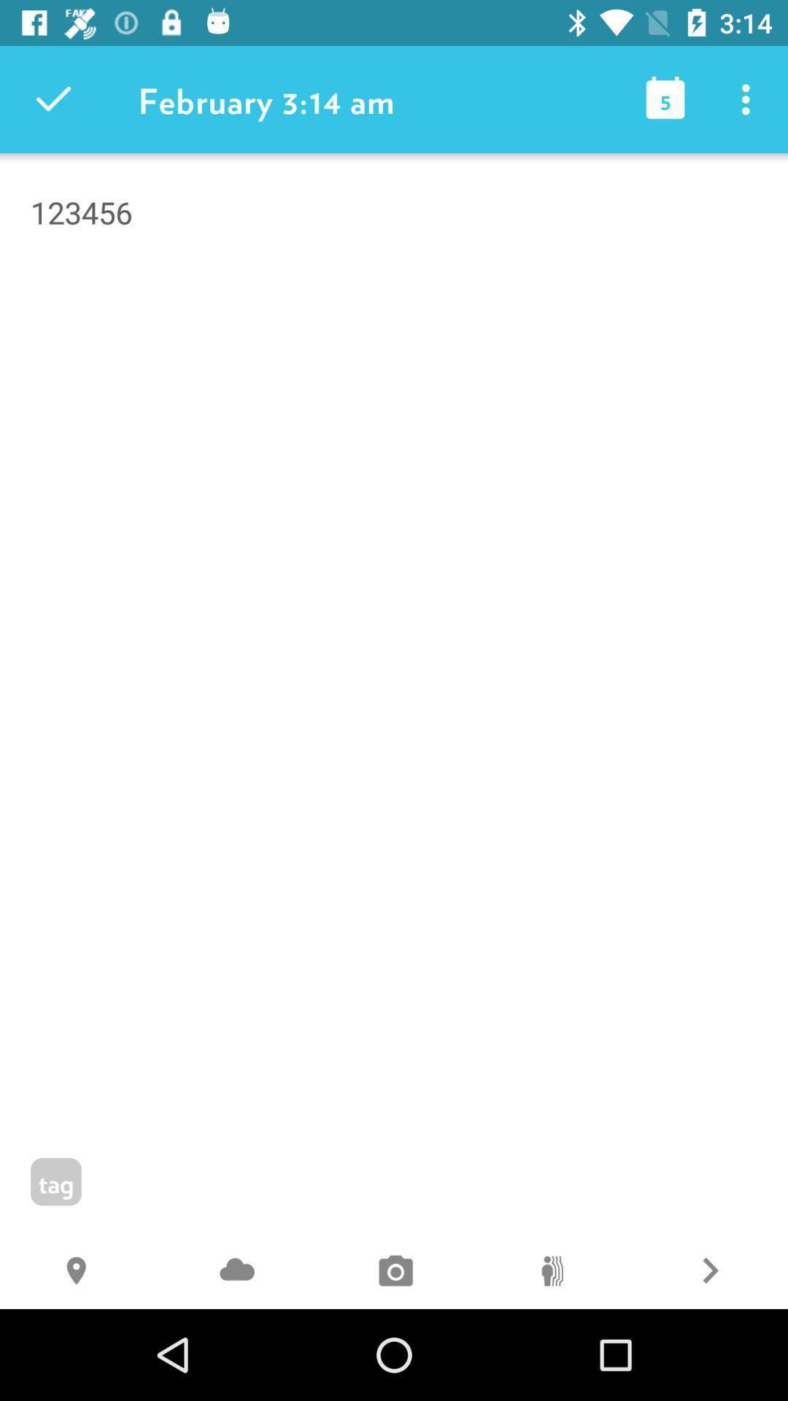 This screenshot has height=1401, width=788. What do you see at coordinates (79, 1272) in the screenshot?
I see `the h` at bounding box center [79, 1272].